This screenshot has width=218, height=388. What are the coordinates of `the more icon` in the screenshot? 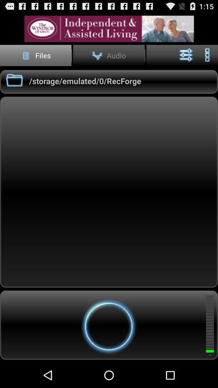 It's located at (207, 58).